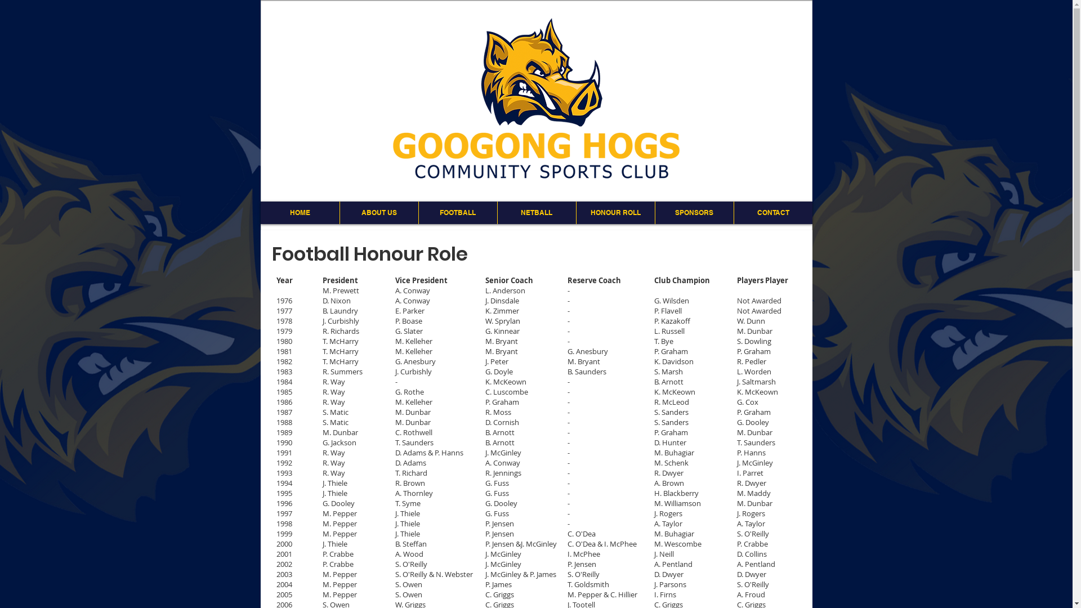  Describe the element at coordinates (614, 213) in the screenshot. I see `'HONOUR ROLL'` at that location.